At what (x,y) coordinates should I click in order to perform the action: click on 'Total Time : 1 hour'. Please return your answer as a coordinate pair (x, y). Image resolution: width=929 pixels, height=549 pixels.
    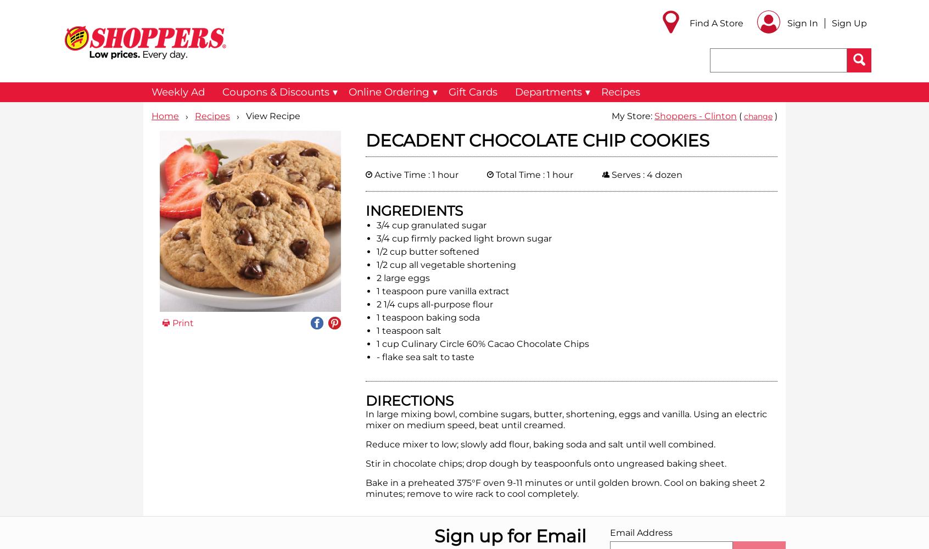
    Looking at the image, I should click on (533, 174).